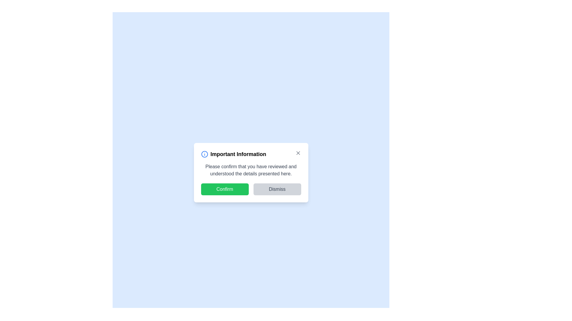 This screenshot has height=321, width=572. I want to click on the 'Dismiss' button located on the right-hand side of a horizontal group of two buttons below the modal dialog, so click(277, 189).